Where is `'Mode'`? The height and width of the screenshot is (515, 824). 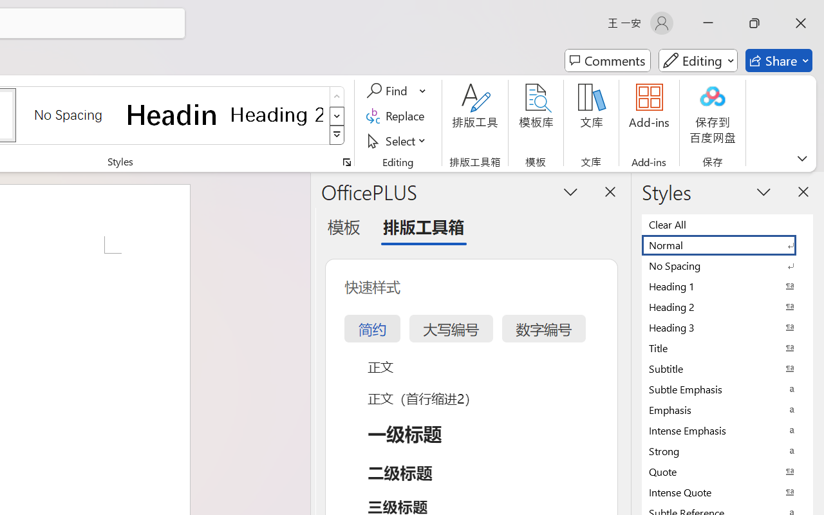
'Mode' is located at coordinates (697, 61).